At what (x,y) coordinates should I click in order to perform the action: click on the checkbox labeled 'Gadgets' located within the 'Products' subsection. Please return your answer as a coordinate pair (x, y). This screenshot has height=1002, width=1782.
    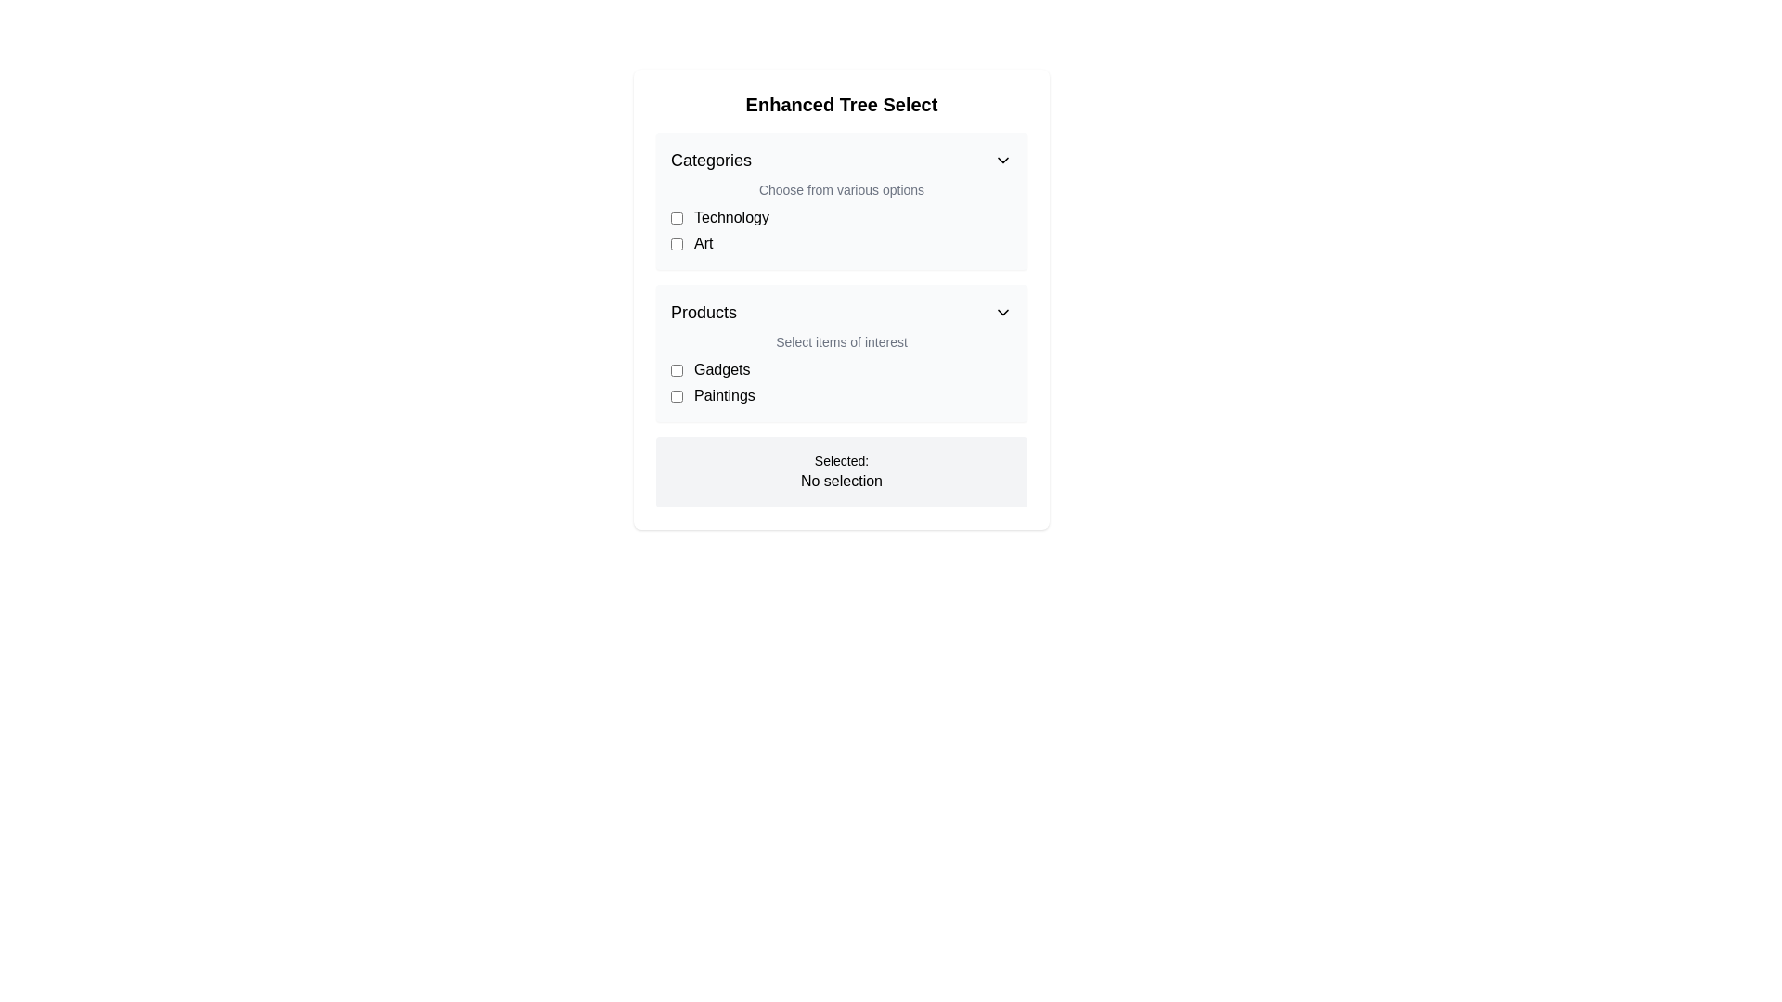
    Looking at the image, I should click on (841, 369).